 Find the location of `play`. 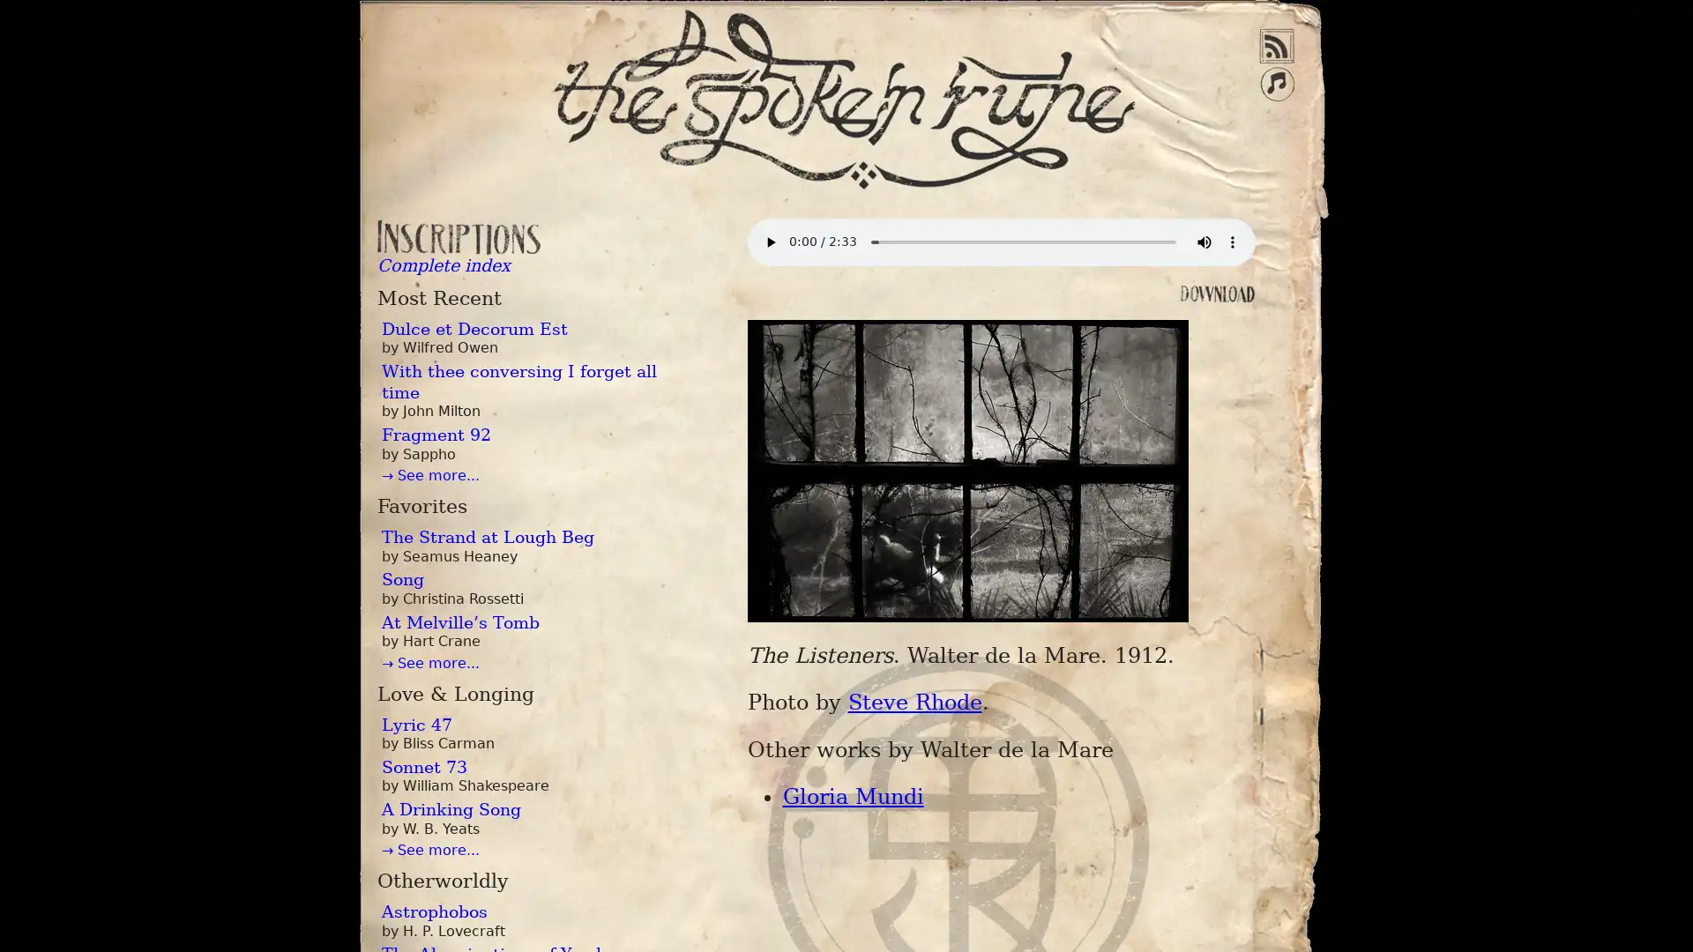

play is located at coordinates (770, 242).